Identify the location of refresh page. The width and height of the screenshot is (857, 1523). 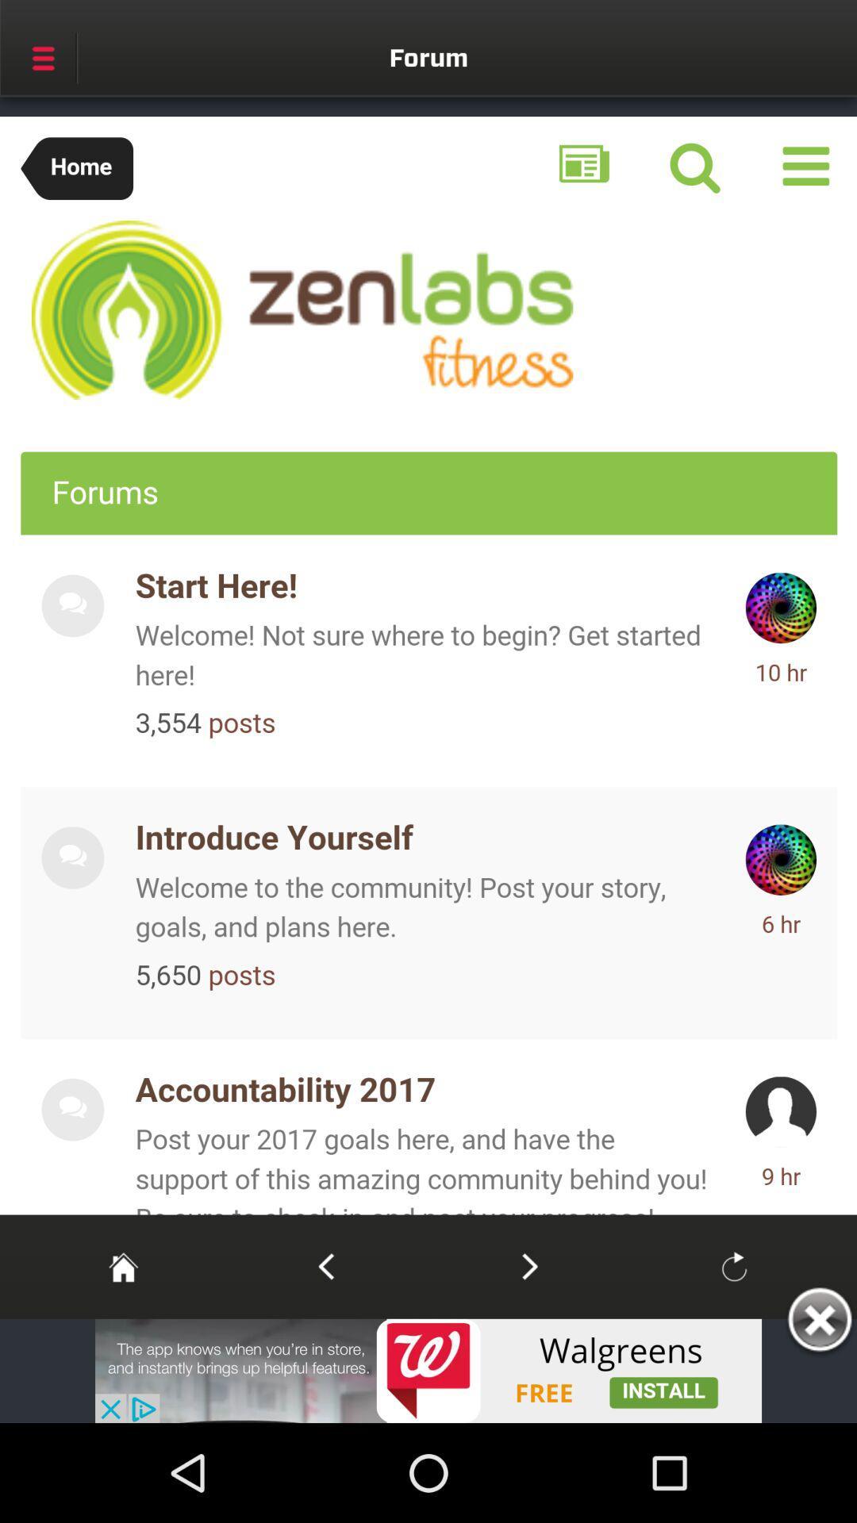
(734, 1265).